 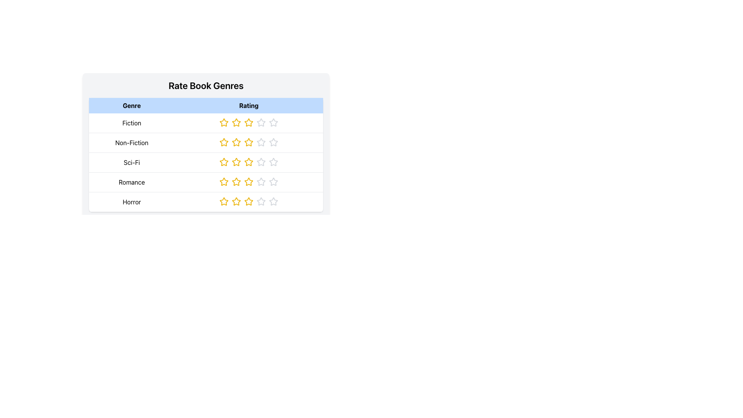 I want to click on the second yellow star icon in the 'Non-Fiction' row, so click(x=224, y=142).